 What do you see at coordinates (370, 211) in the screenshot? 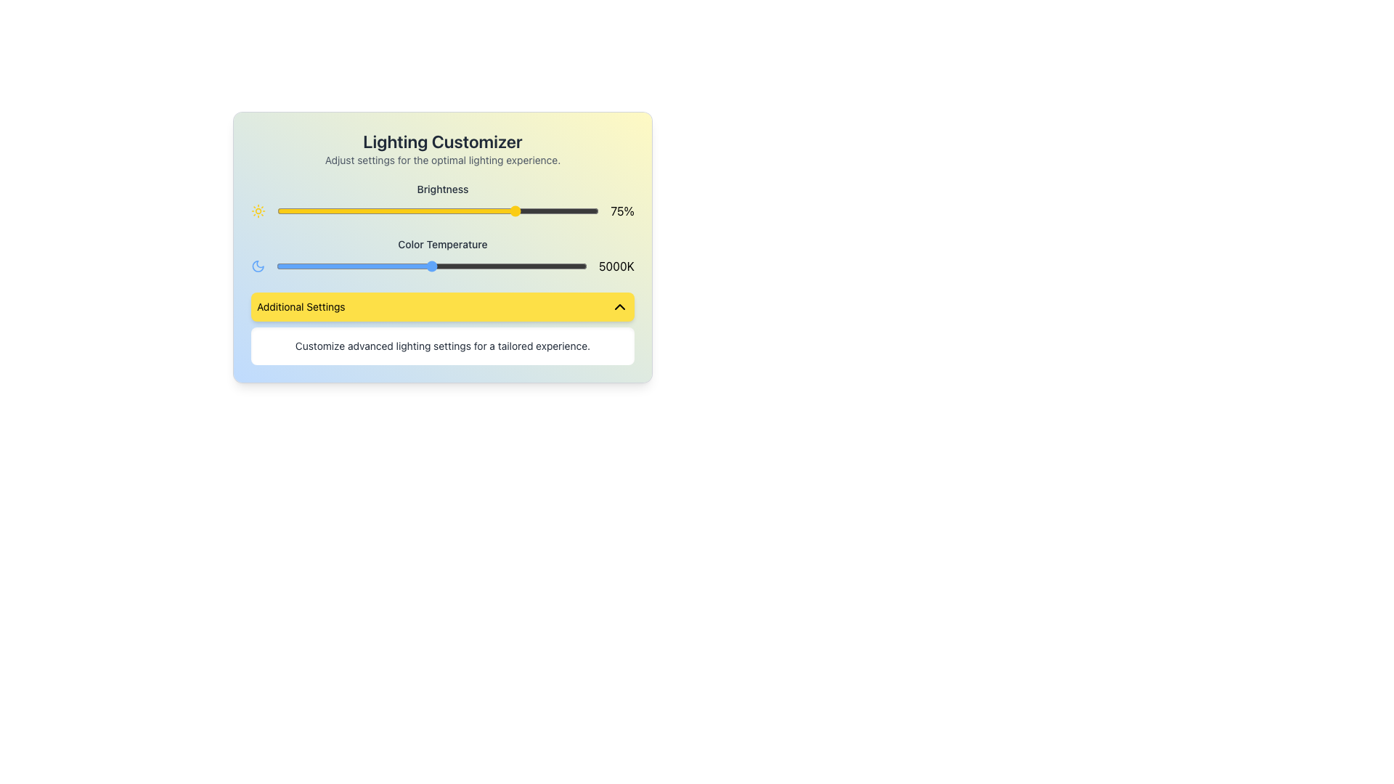
I see `brightness` at bounding box center [370, 211].